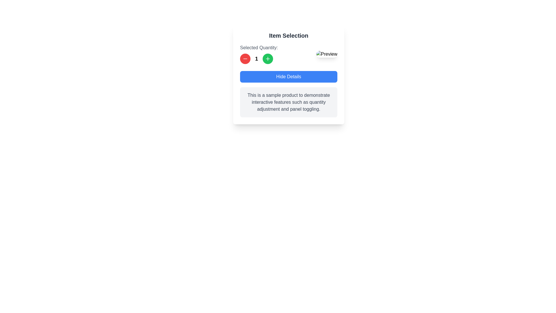 The height and width of the screenshot is (313, 556). What do you see at coordinates (289, 102) in the screenshot?
I see `the static informational Text panel located below the blue button labeled 'Hide Details'` at bounding box center [289, 102].